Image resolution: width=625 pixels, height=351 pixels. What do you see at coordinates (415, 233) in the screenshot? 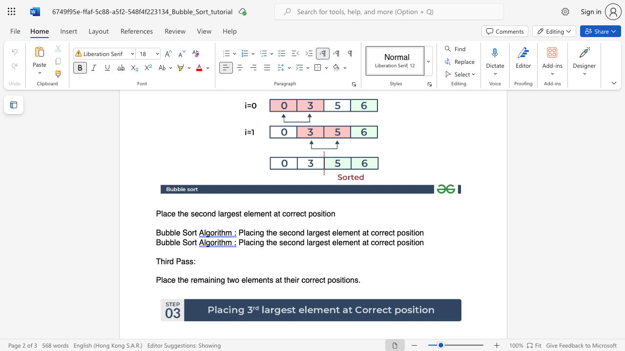
I see `the subset text "on" within the text "Placing the second largest element at correct position"` at bounding box center [415, 233].